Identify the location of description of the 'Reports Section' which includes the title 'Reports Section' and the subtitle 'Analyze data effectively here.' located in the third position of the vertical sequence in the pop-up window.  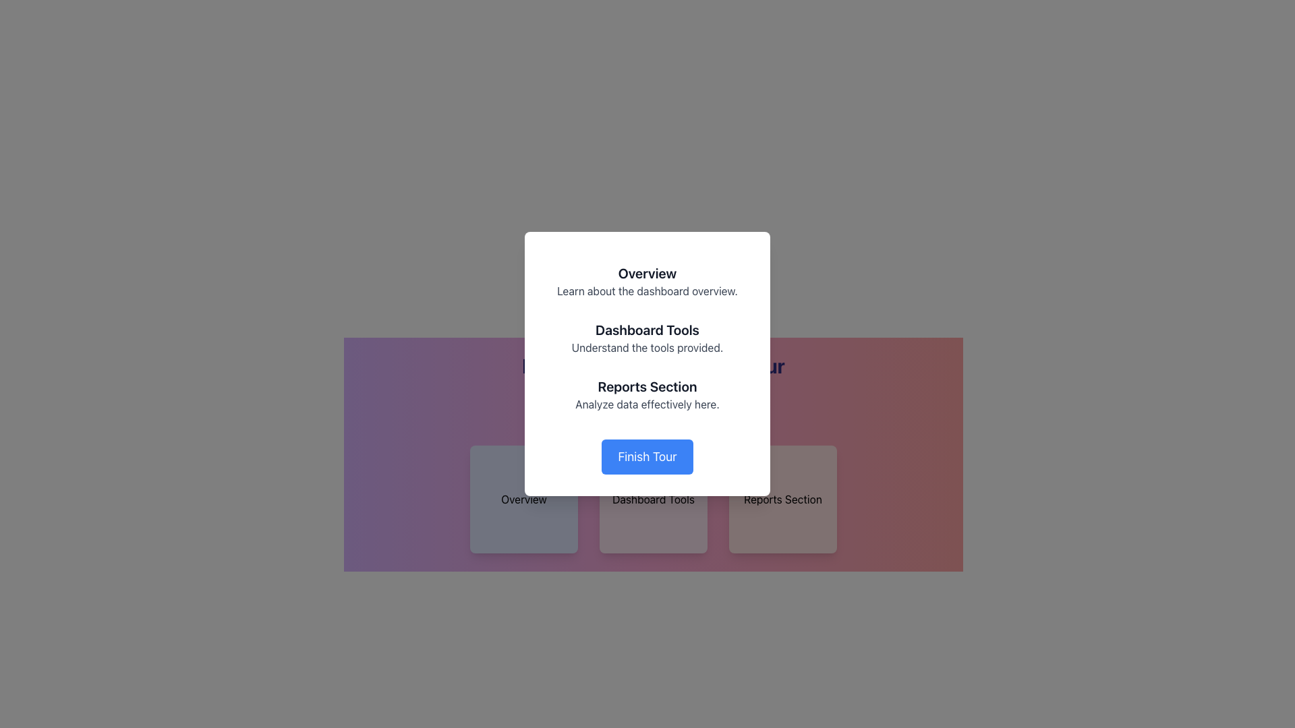
(647, 394).